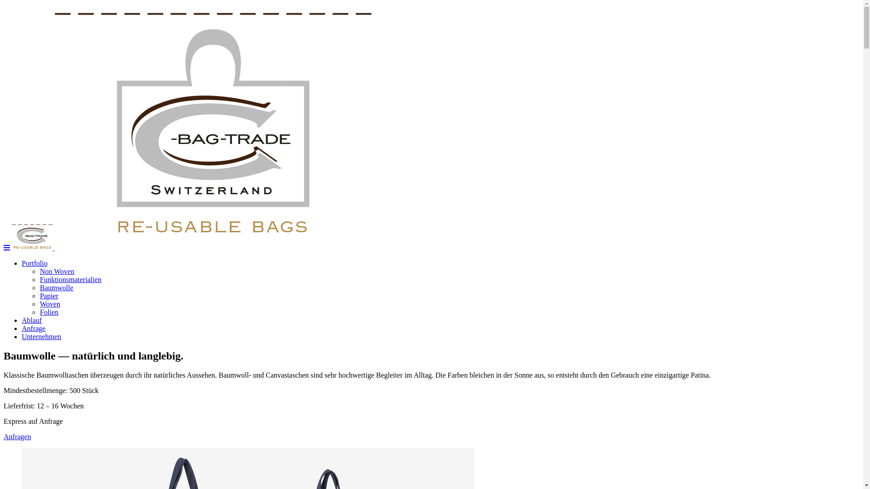  I want to click on 'Funktionsmaterialien', so click(70, 279).